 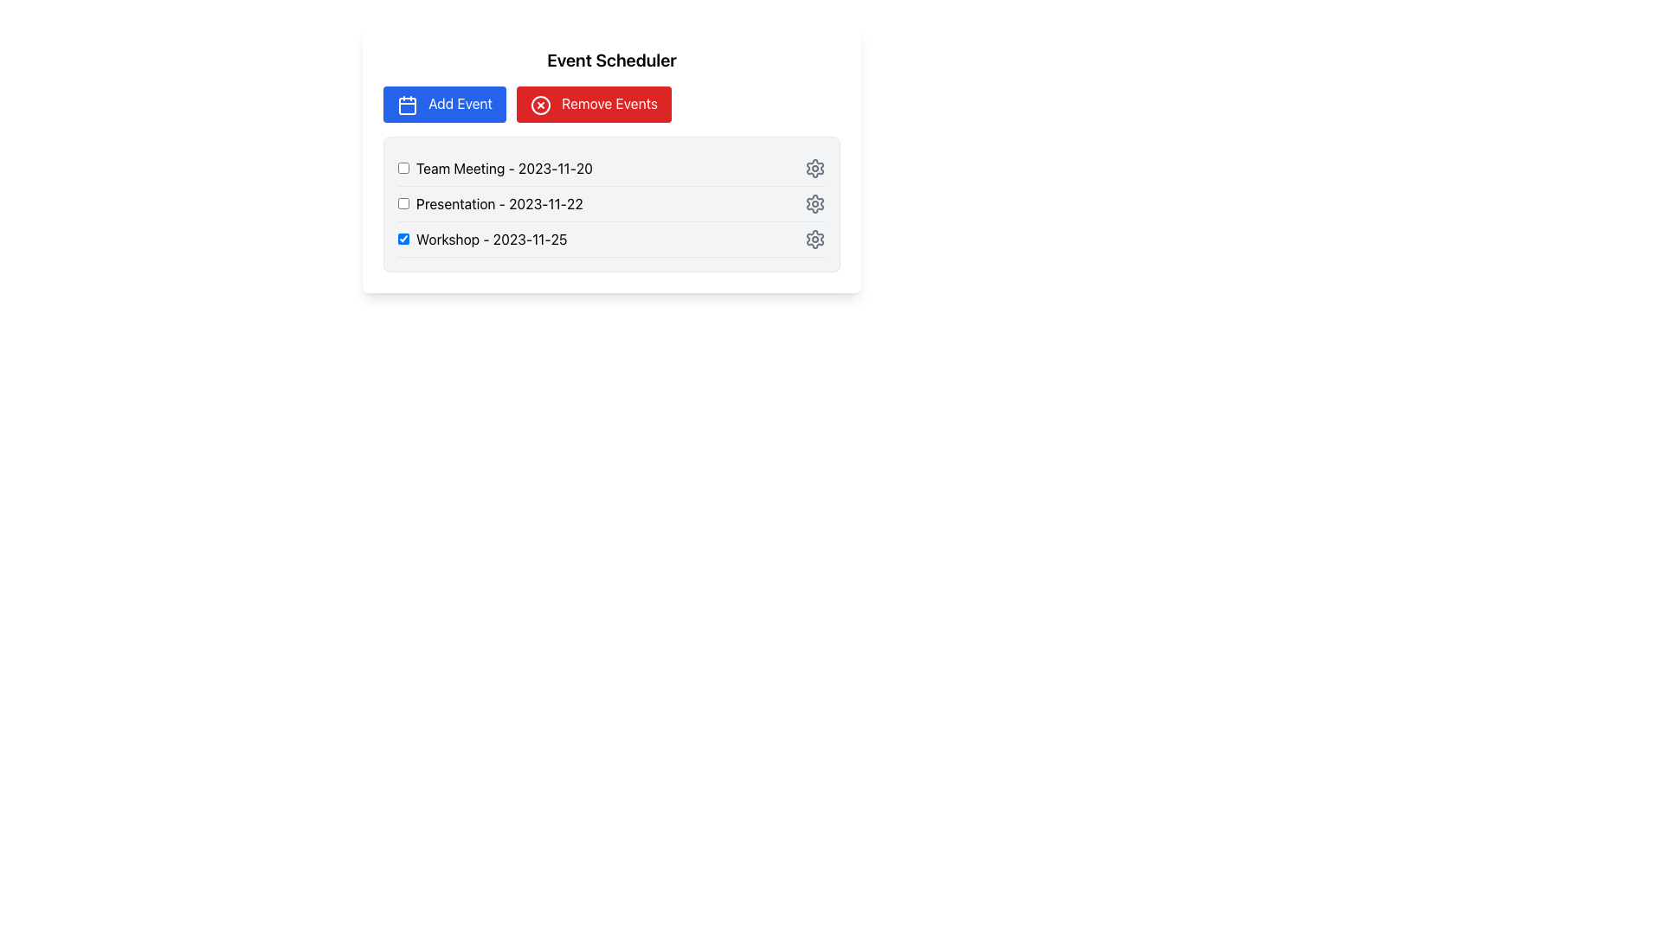 I want to click on the red circular icon with a cross symbol located on the left side of the 'Remove Events' button, so click(x=539, y=105).